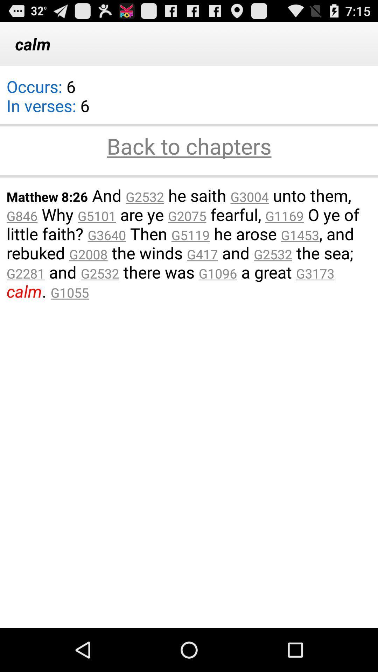 This screenshot has width=378, height=672. I want to click on back to chapters, so click(189, 147).